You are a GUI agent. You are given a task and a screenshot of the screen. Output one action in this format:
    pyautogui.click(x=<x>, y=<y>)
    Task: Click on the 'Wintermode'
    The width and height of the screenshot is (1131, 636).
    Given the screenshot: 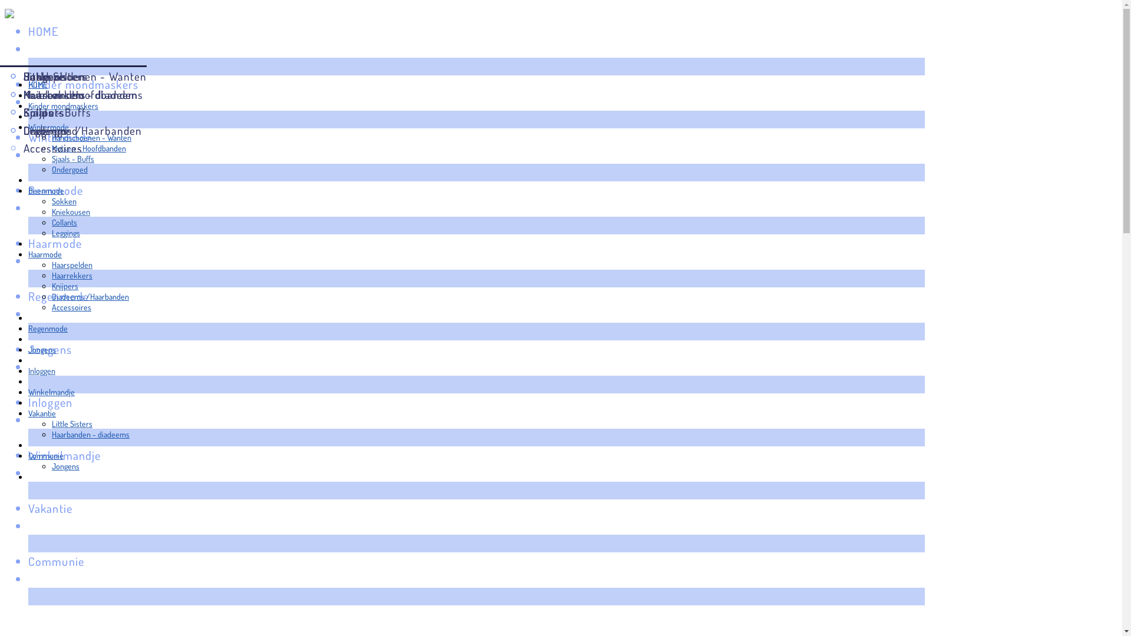 What is the action you would take?
    pyautogui.click(x=48, y=127)
    